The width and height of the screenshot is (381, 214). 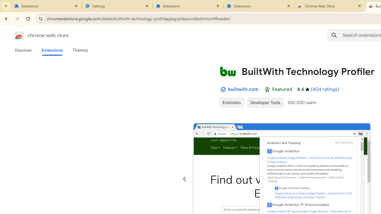 What do you see at coordinates (243, 89) in the screenshot?
I see `'builtwith.com'` at bounding box center [243, 89].